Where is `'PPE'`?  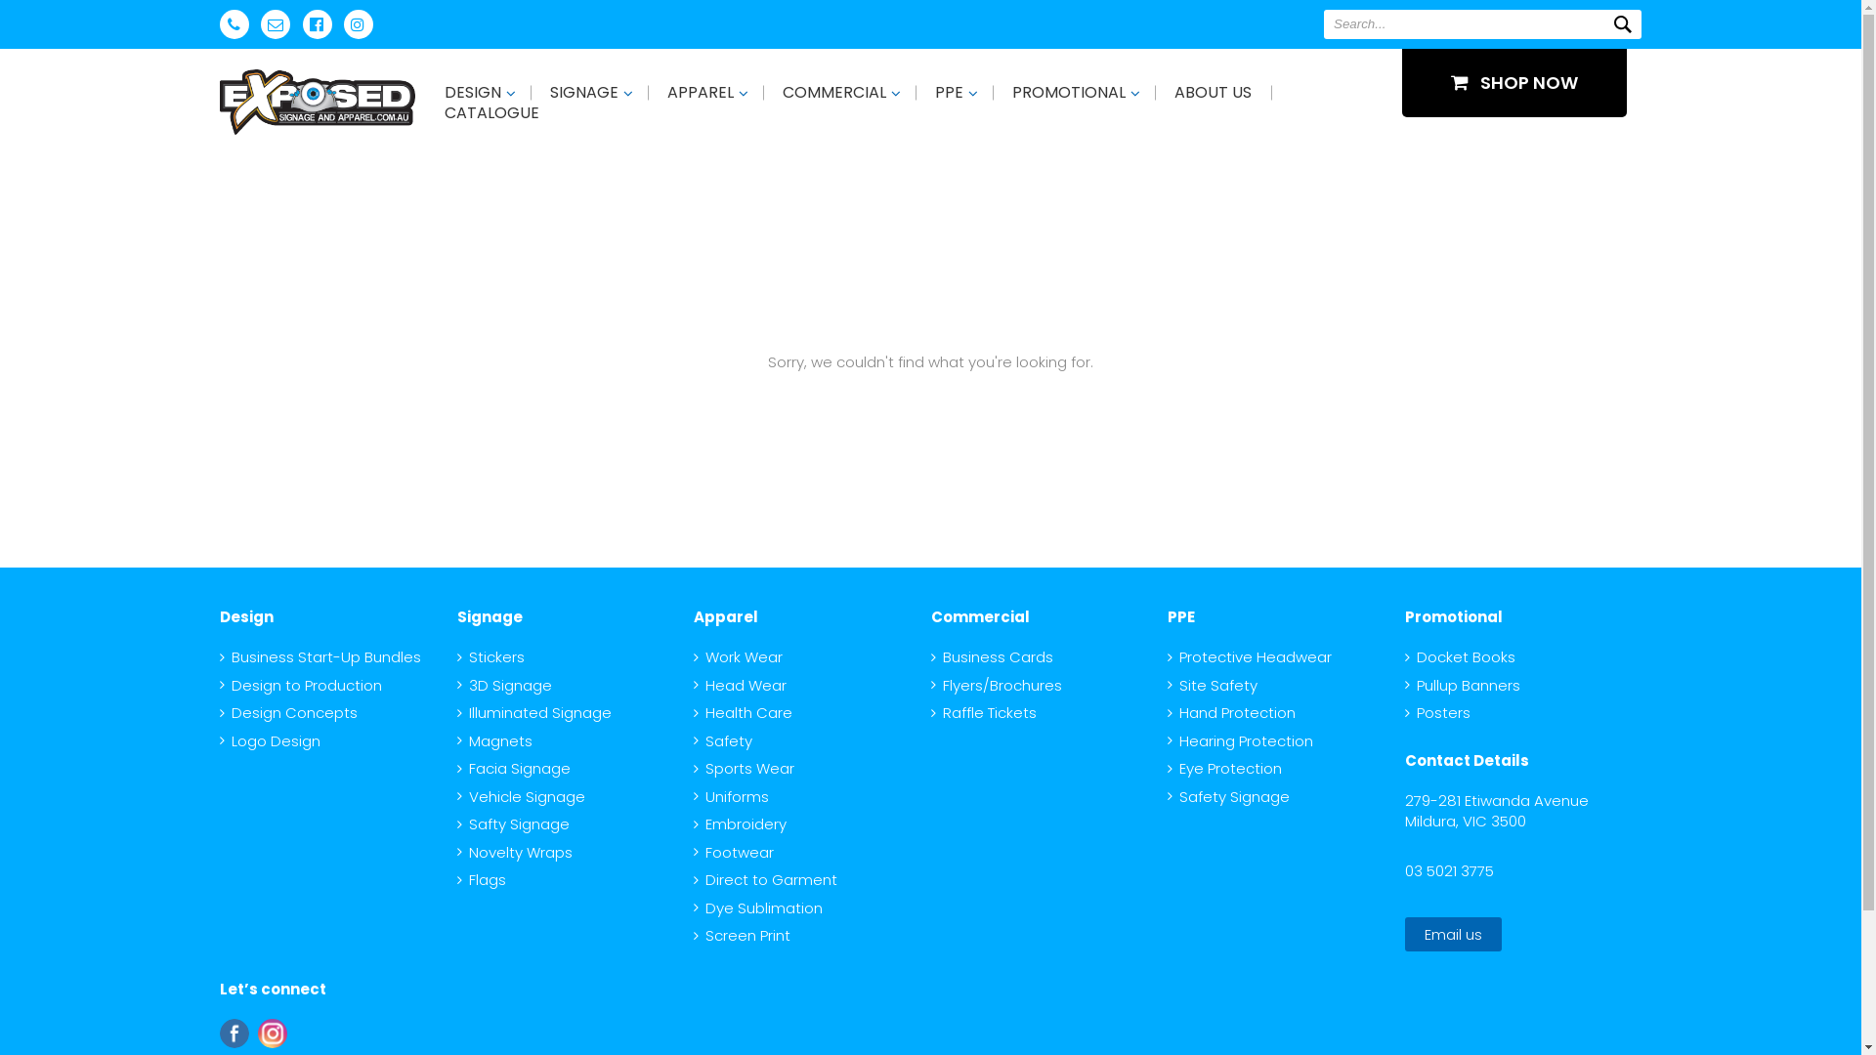 'PPE' is located at coordinates (949, 92).